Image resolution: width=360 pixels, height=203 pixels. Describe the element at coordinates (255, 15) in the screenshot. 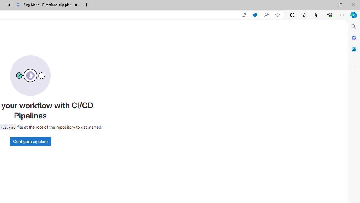

I see `'Shopping in Microsoft Edge'` at that location.